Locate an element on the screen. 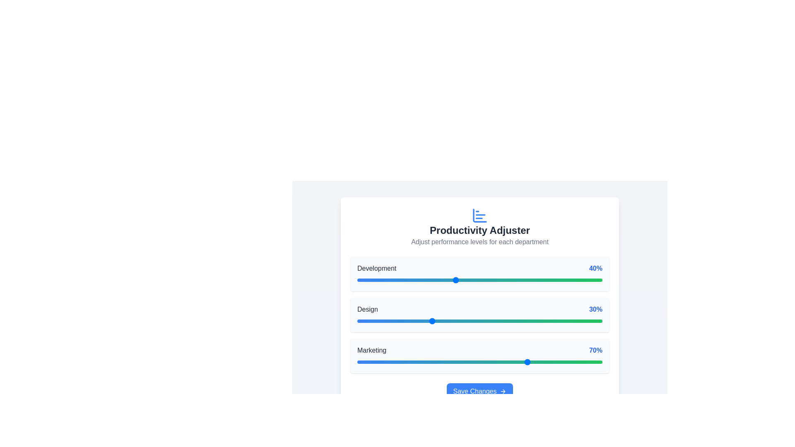 The image size is (795, 447). the gray-colored text label reading 'Adjust performance levels for each department' is located at coordinates (479, 242).